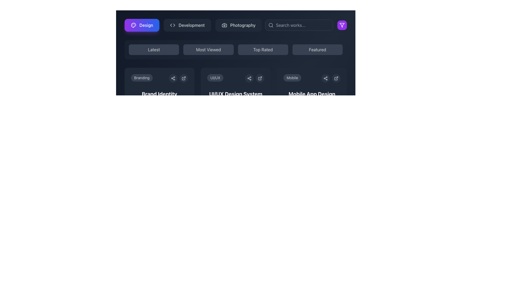  What do you see at coordinates (173, 25) in the screenshot?
I see `the visual representation of the leftmost icon within the button labeled 'development', which is centrally aligned vertically and located to the immediate left of the text 'development'` at bounding box center [173, 25].